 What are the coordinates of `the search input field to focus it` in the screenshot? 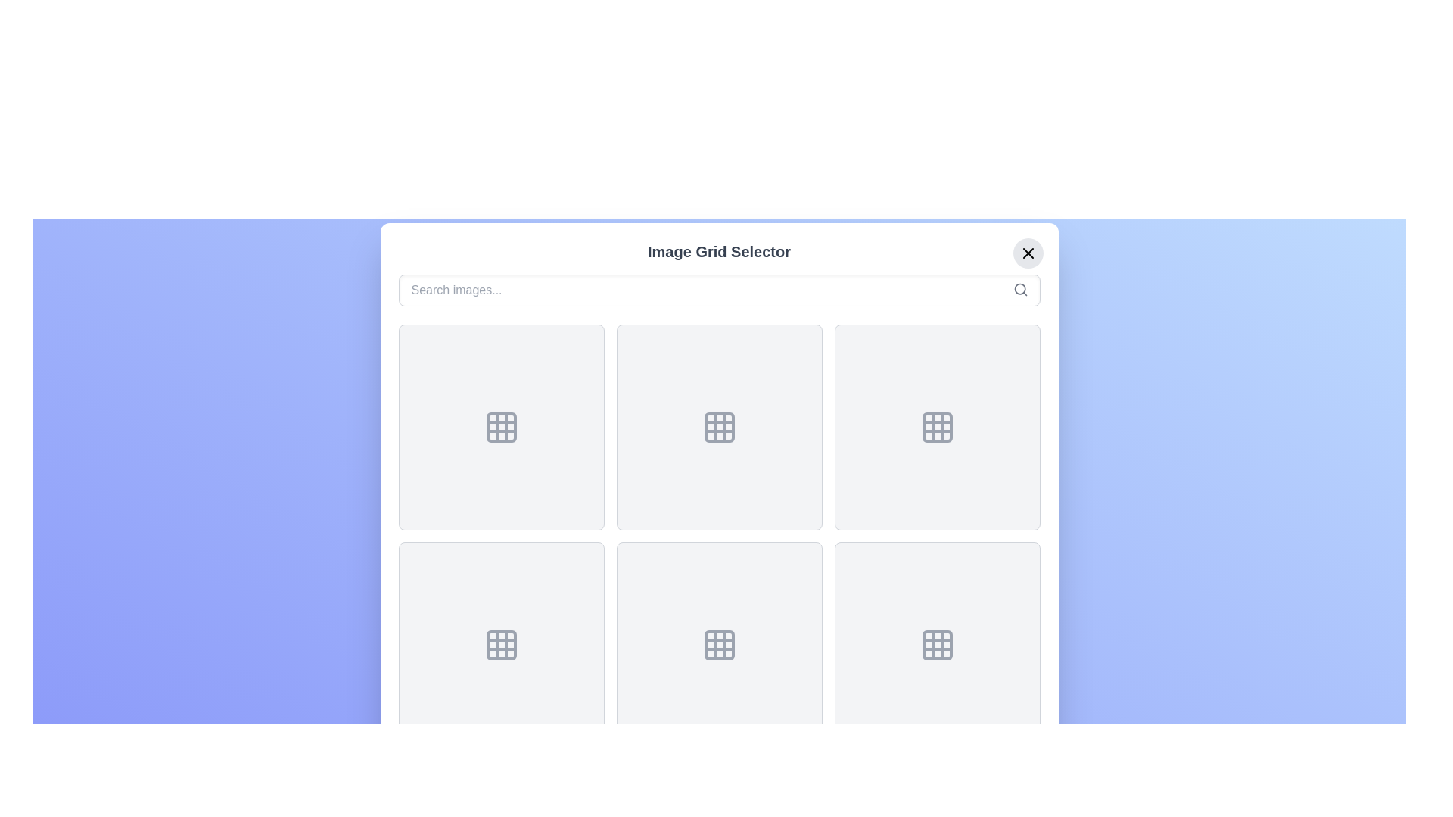 It's located at (718, 290).